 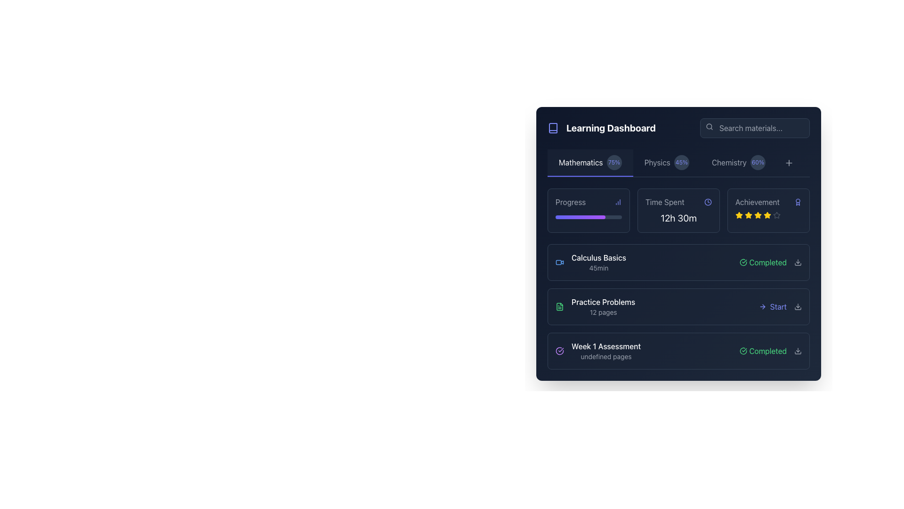 What do you see at coordinates (598, 258) in the screenshot?
I see `text element that contains 'Calculus Basics' in bold white font, positioned above '45min' within the Mathematics section of the interface` at bounding box center [598, 258].